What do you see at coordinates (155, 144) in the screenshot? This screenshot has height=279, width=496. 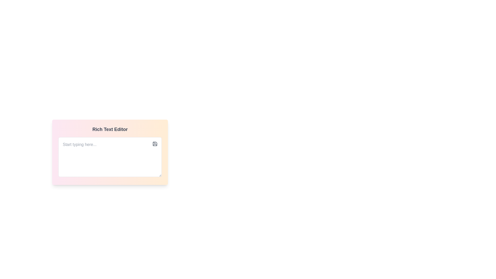 I see `the save icon button located in the top-right corner of the text input field in the text editor` at bounding box center [155, 144].